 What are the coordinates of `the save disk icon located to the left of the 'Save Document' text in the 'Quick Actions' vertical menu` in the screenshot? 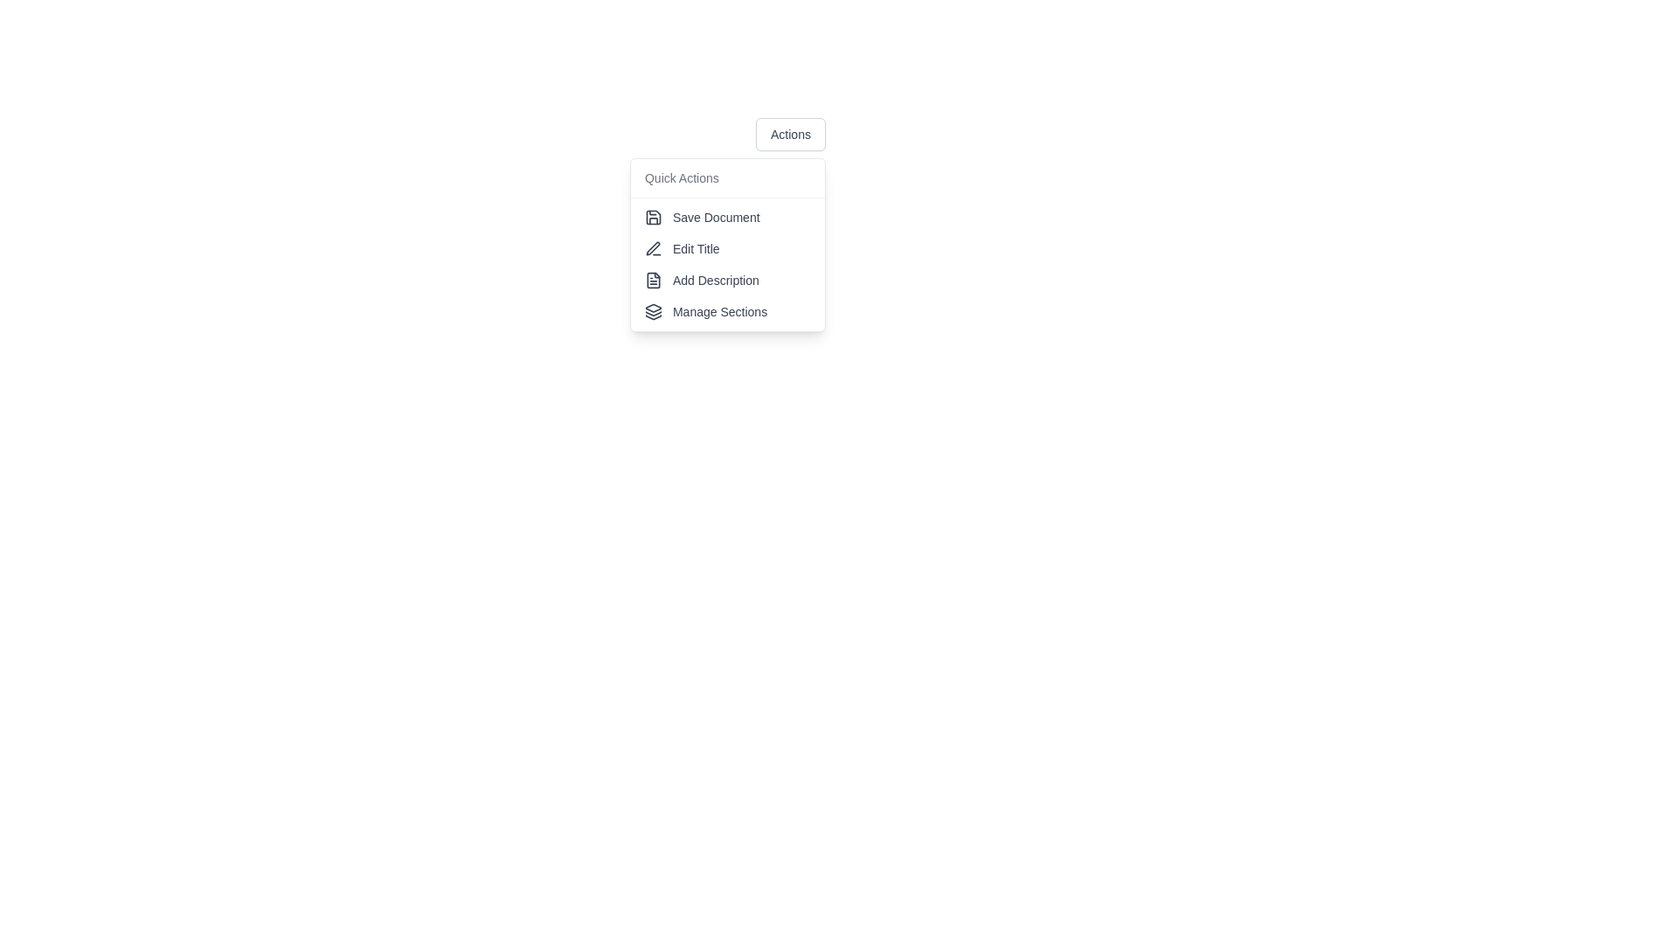 It's located at (653, 217).